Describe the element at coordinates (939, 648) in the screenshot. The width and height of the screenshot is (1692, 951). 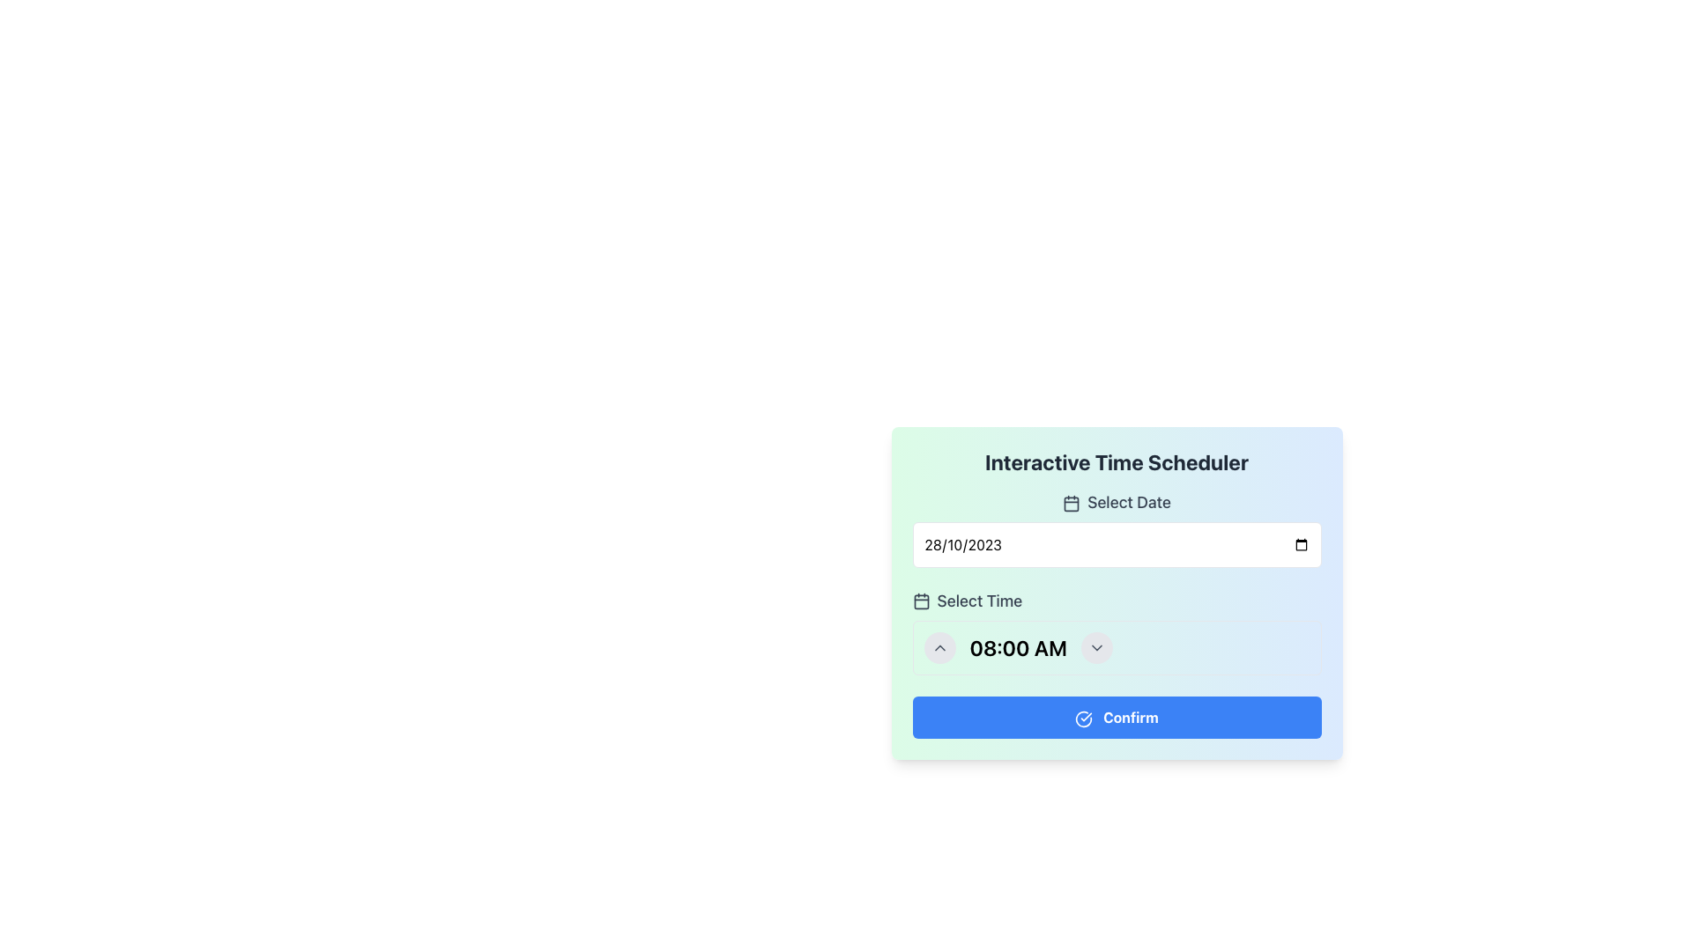
I see `the circular button with a gray background and an upwards-facing chevron icon to increment the hour, located to the left of the displayed time '08:00 AM'` at that location.